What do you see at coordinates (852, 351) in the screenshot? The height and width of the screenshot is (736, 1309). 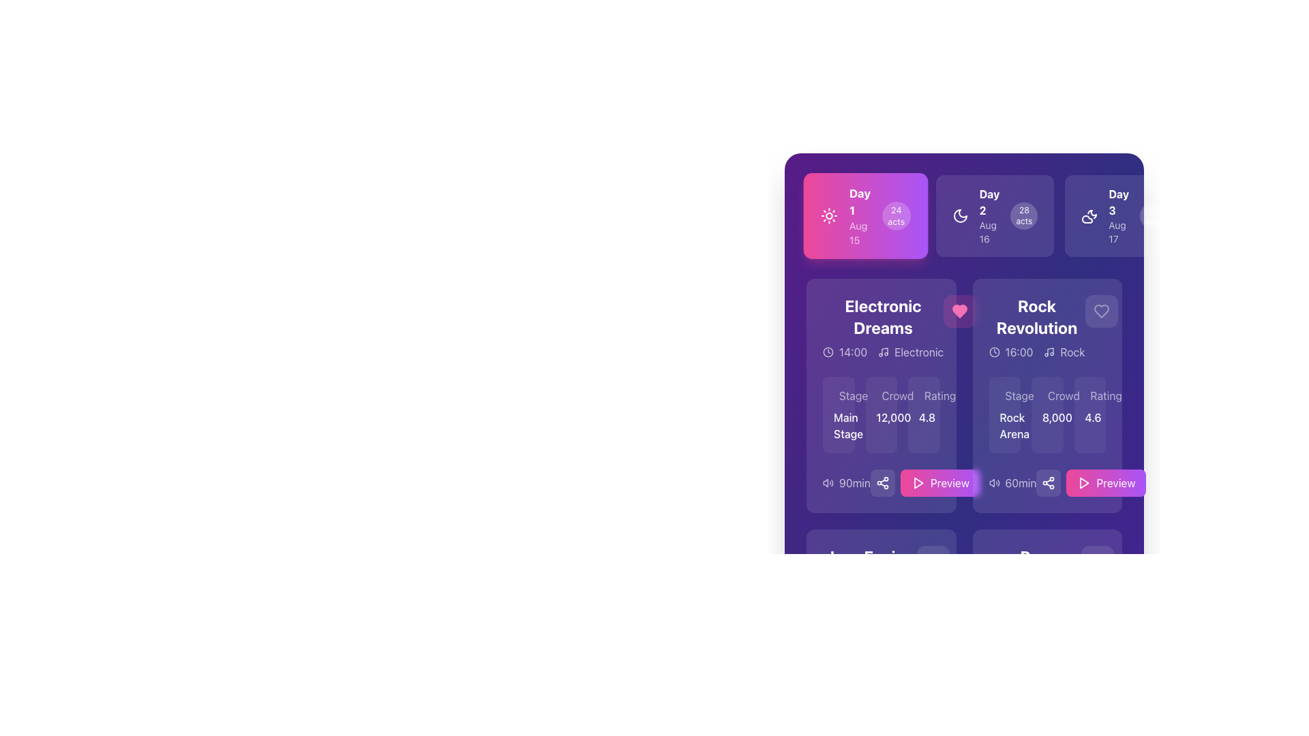 I see `text displayed in the time label of the 'Electronic Dreams' event, which is located below the card's title and near the top-left corner of the card` at bounding box center [852, 351].